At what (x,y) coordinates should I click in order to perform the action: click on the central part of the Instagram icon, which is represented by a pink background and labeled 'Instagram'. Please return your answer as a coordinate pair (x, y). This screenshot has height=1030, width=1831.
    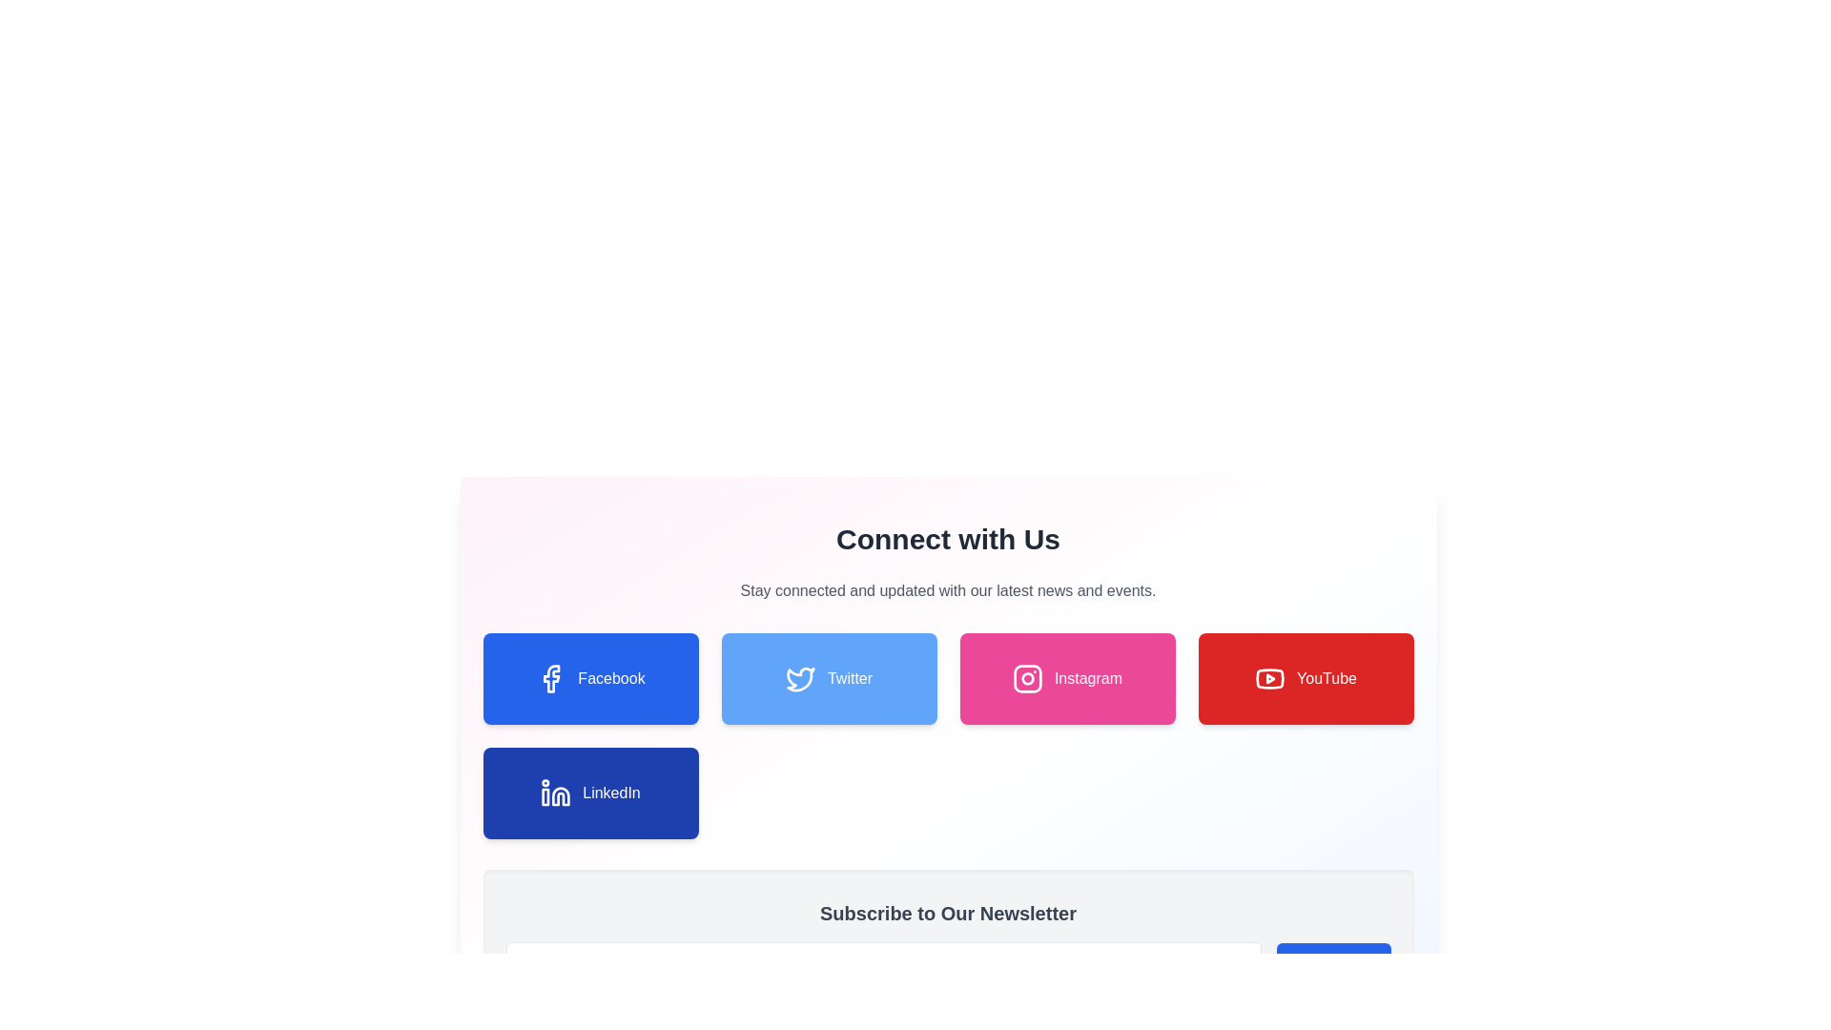
    Looking at the image, I should click on (1026, 677).